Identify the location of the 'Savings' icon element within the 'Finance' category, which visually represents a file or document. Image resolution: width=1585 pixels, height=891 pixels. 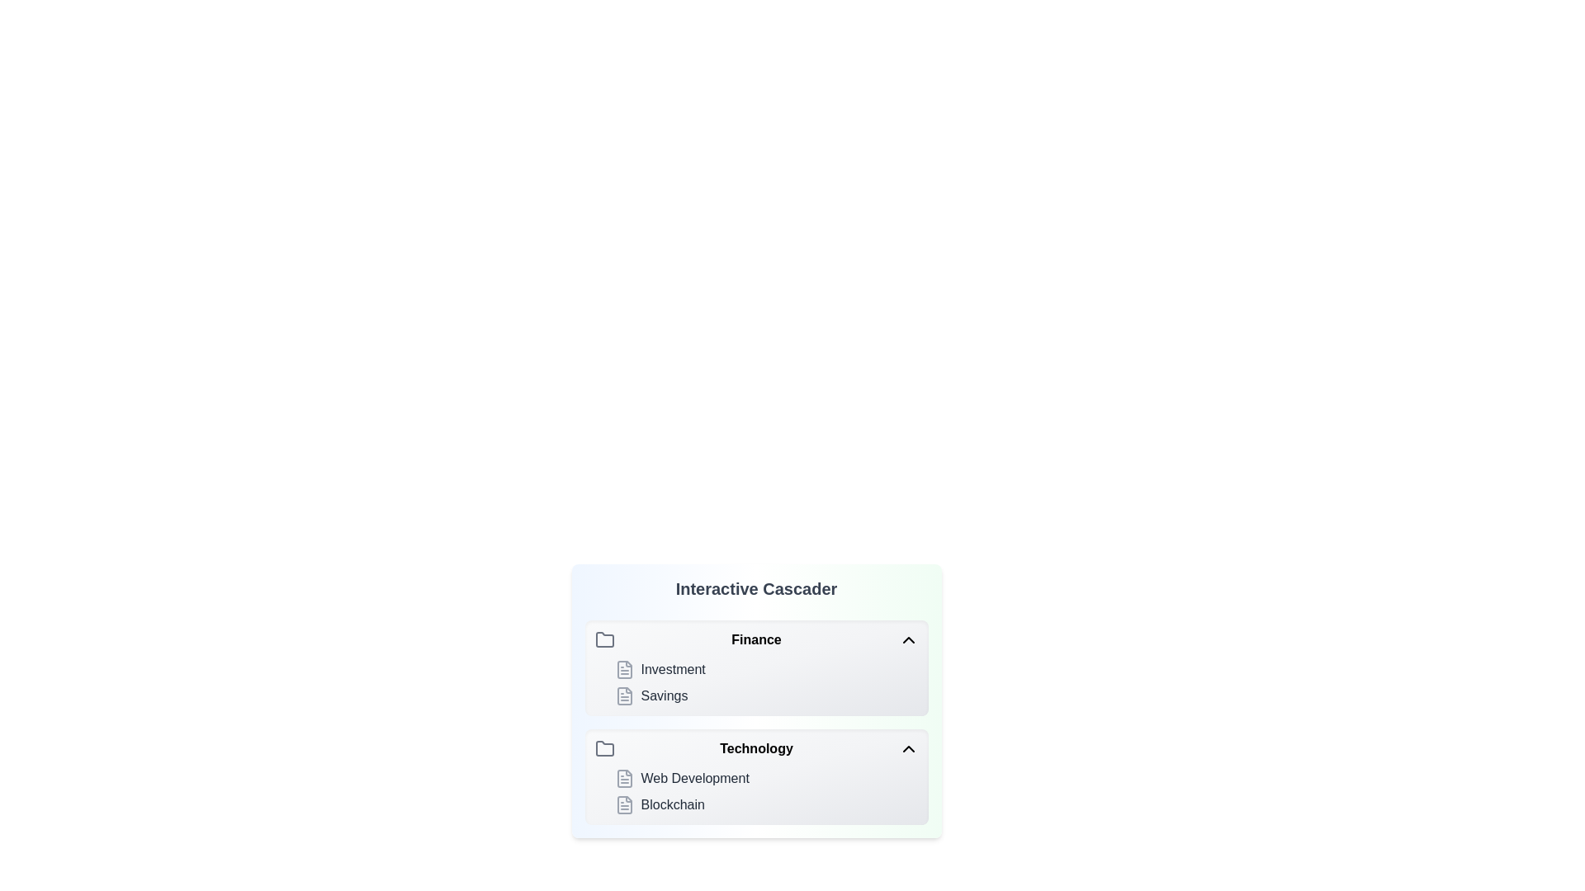
(623, 696).